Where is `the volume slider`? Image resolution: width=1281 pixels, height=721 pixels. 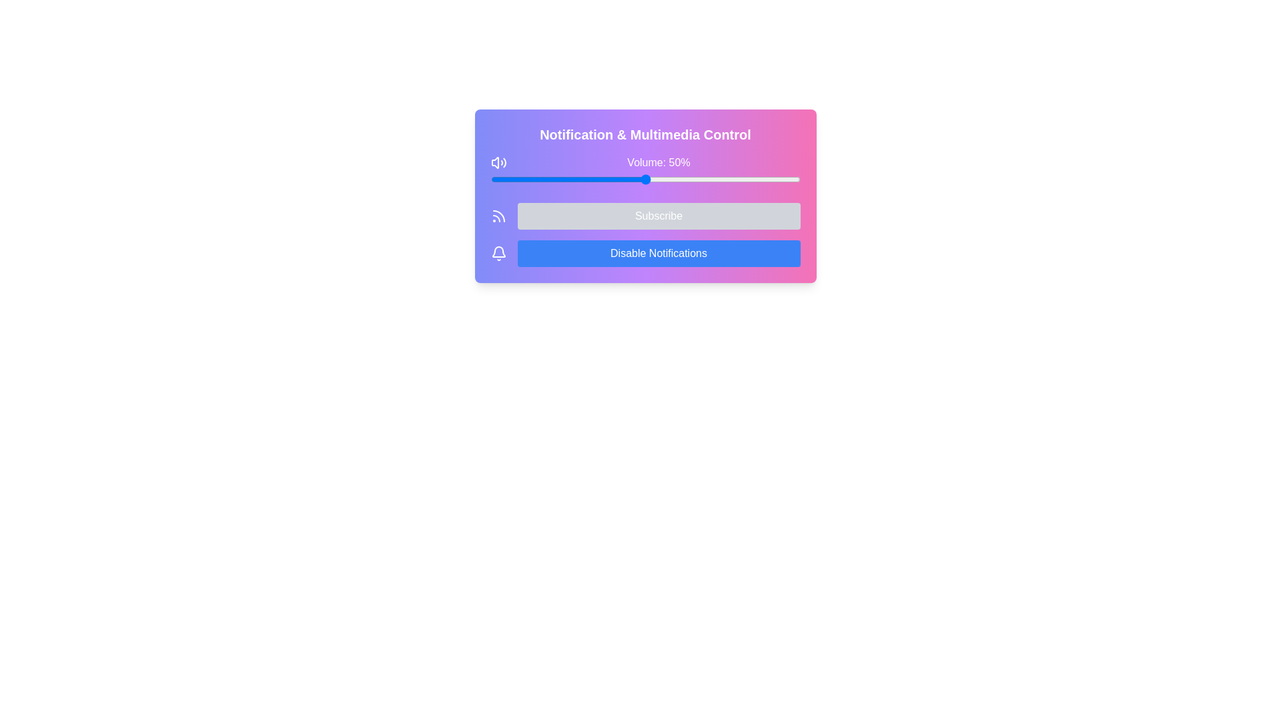
the volume slider is located at coordinates (667, 179).